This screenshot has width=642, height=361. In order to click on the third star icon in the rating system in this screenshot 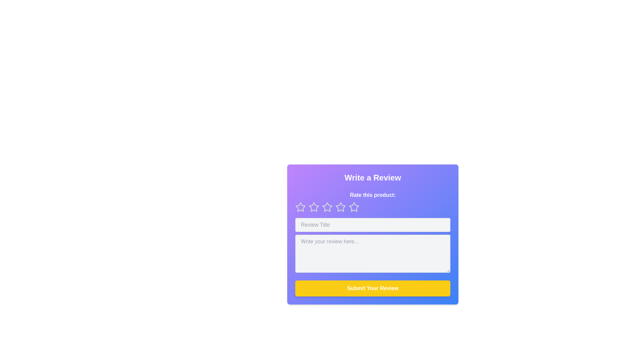, I will do `click(340, 206)`.